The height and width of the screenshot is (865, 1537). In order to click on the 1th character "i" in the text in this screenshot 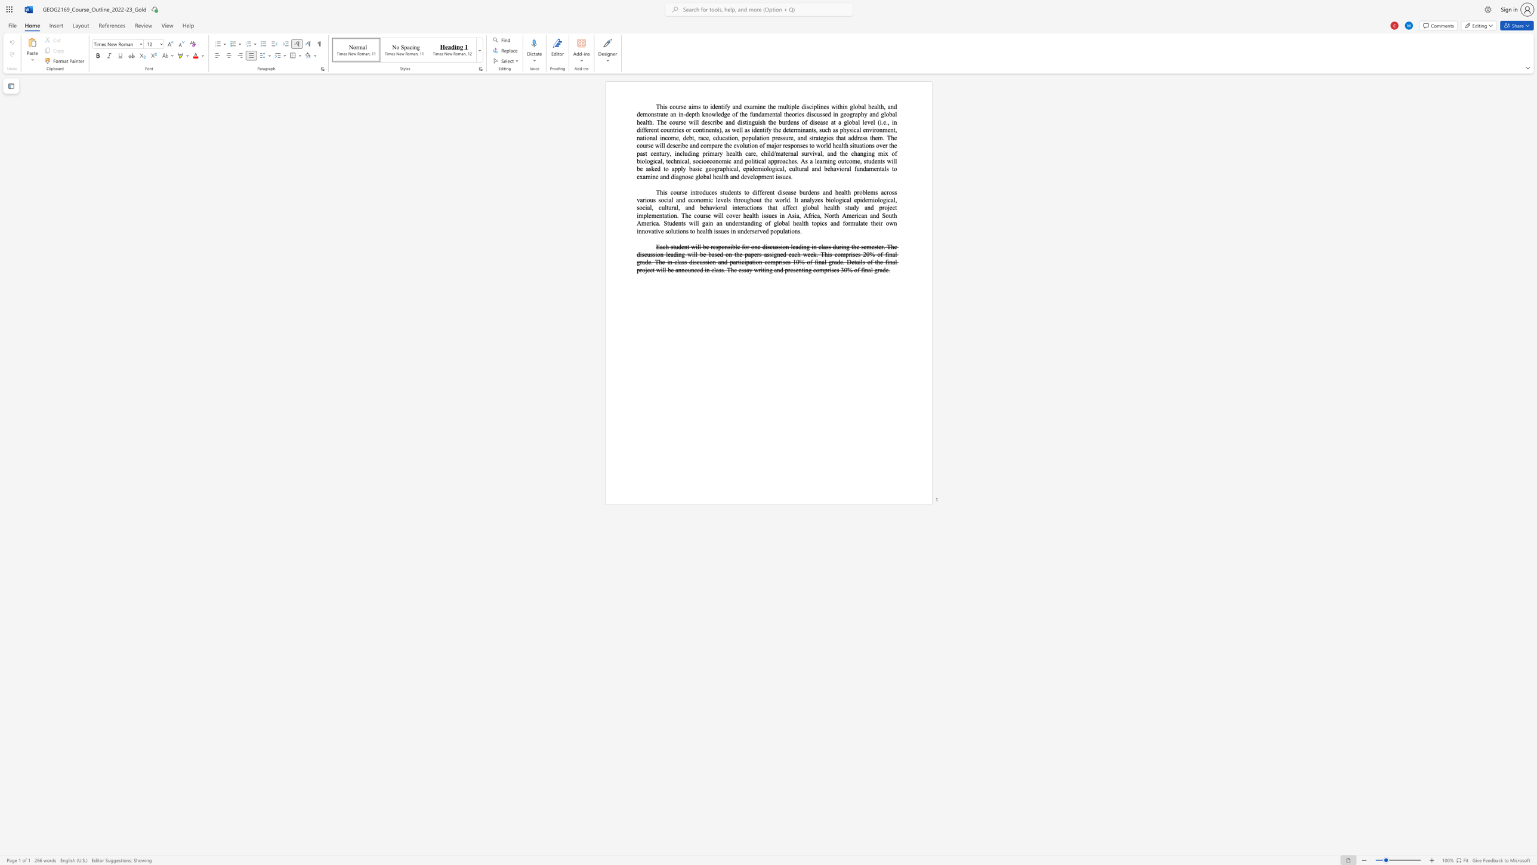, I will do `click(828, 161)`.